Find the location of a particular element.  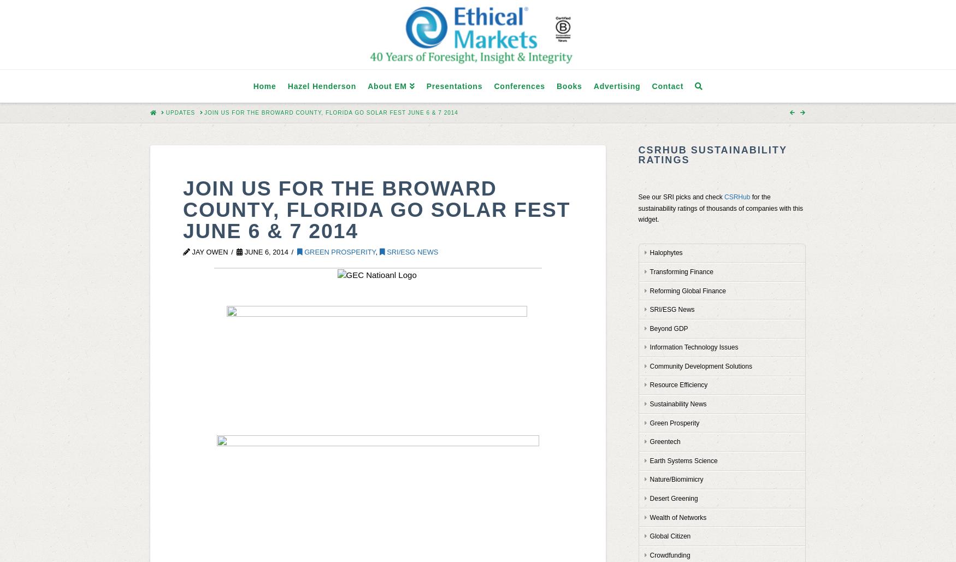

'Crowdfunding' is located at coordinates (670, 554).